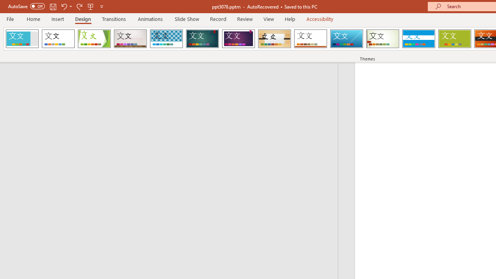  Describe the element at coordinates (382, 39) in the screenshot. I see `'Wisp'` at that location.